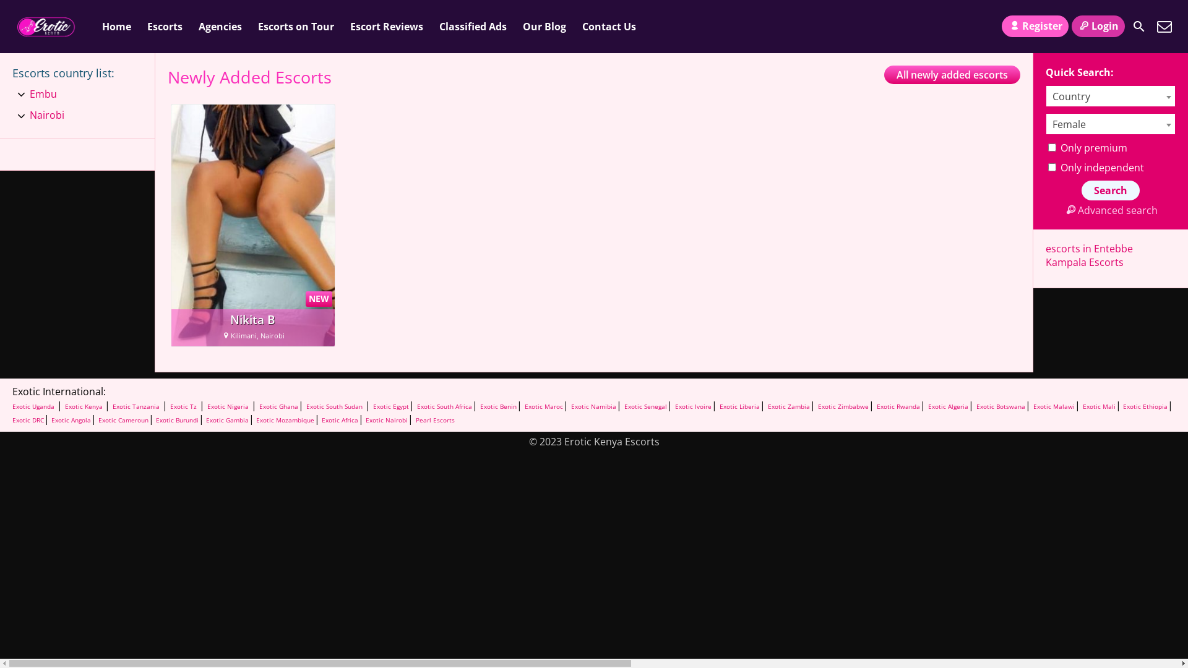 The width and height of the screenshot is (1188, 668). What do you see at coordinates (739, 406) in the screenshot?
I see `'Exotic Liberia'` at bounding box center [739, 406].